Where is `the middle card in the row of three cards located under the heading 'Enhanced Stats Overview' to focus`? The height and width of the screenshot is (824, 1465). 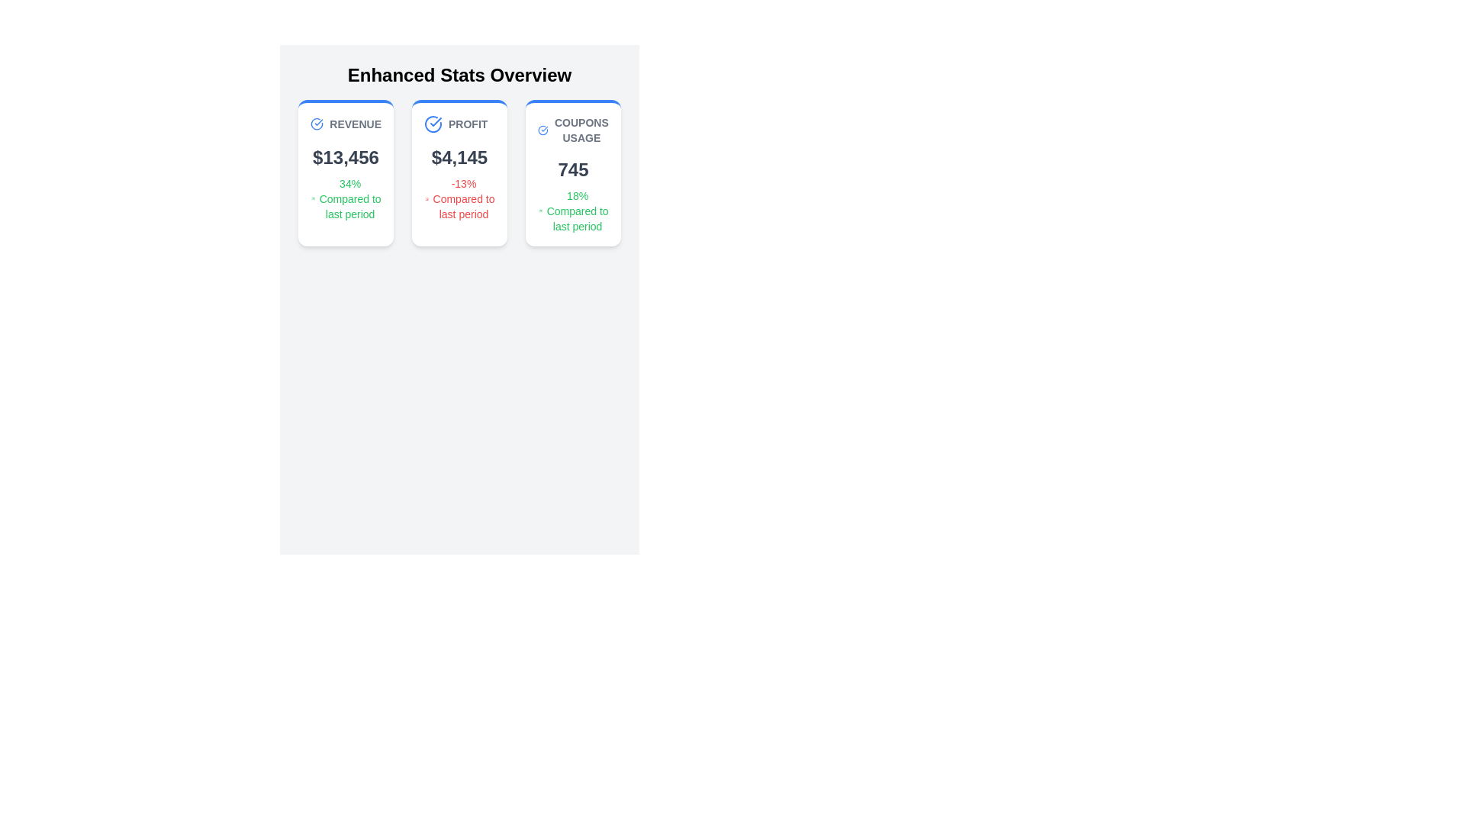 the middle card in the row of three cards located under the heading 'Enhanced Stats Overview' to focus is located at coordinates (459, 172).